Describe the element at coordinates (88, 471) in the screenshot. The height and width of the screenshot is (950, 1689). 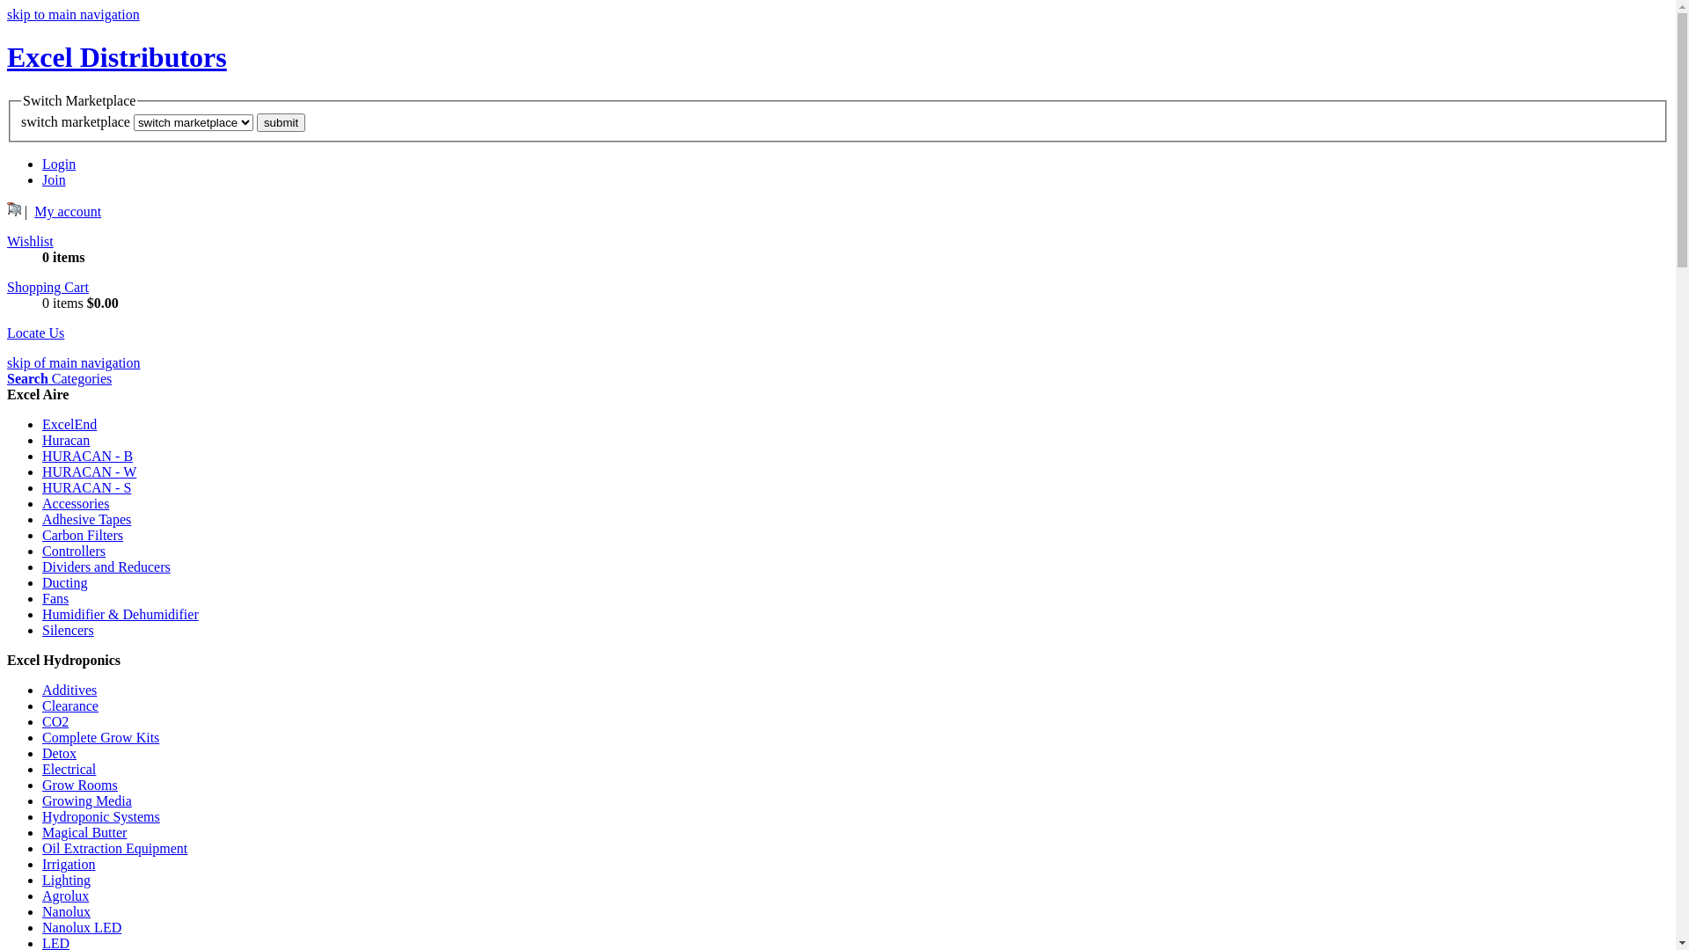
I see `'HURACAN - W'` at that location.